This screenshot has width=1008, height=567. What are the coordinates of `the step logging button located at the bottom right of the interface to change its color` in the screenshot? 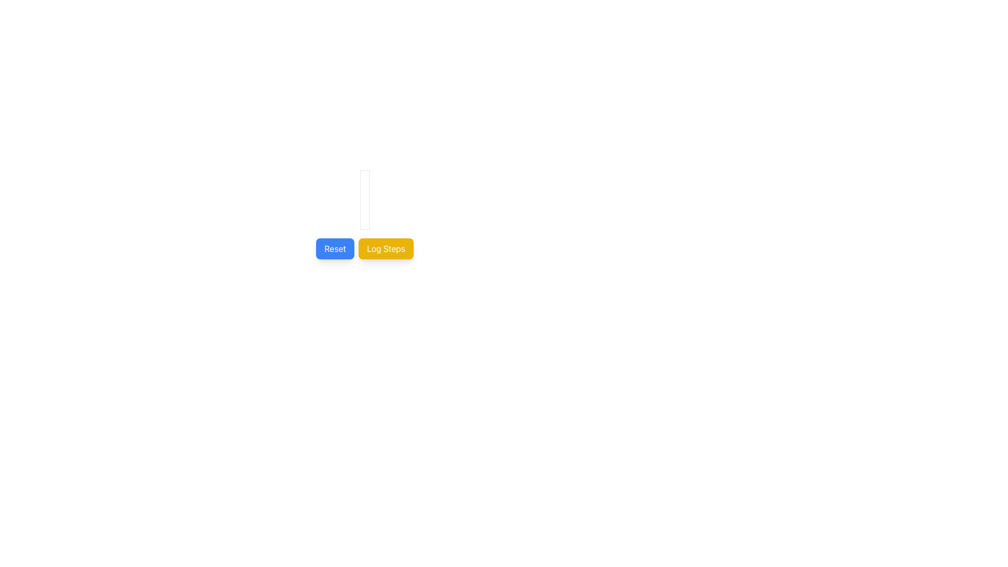 It's located at (385, 249).